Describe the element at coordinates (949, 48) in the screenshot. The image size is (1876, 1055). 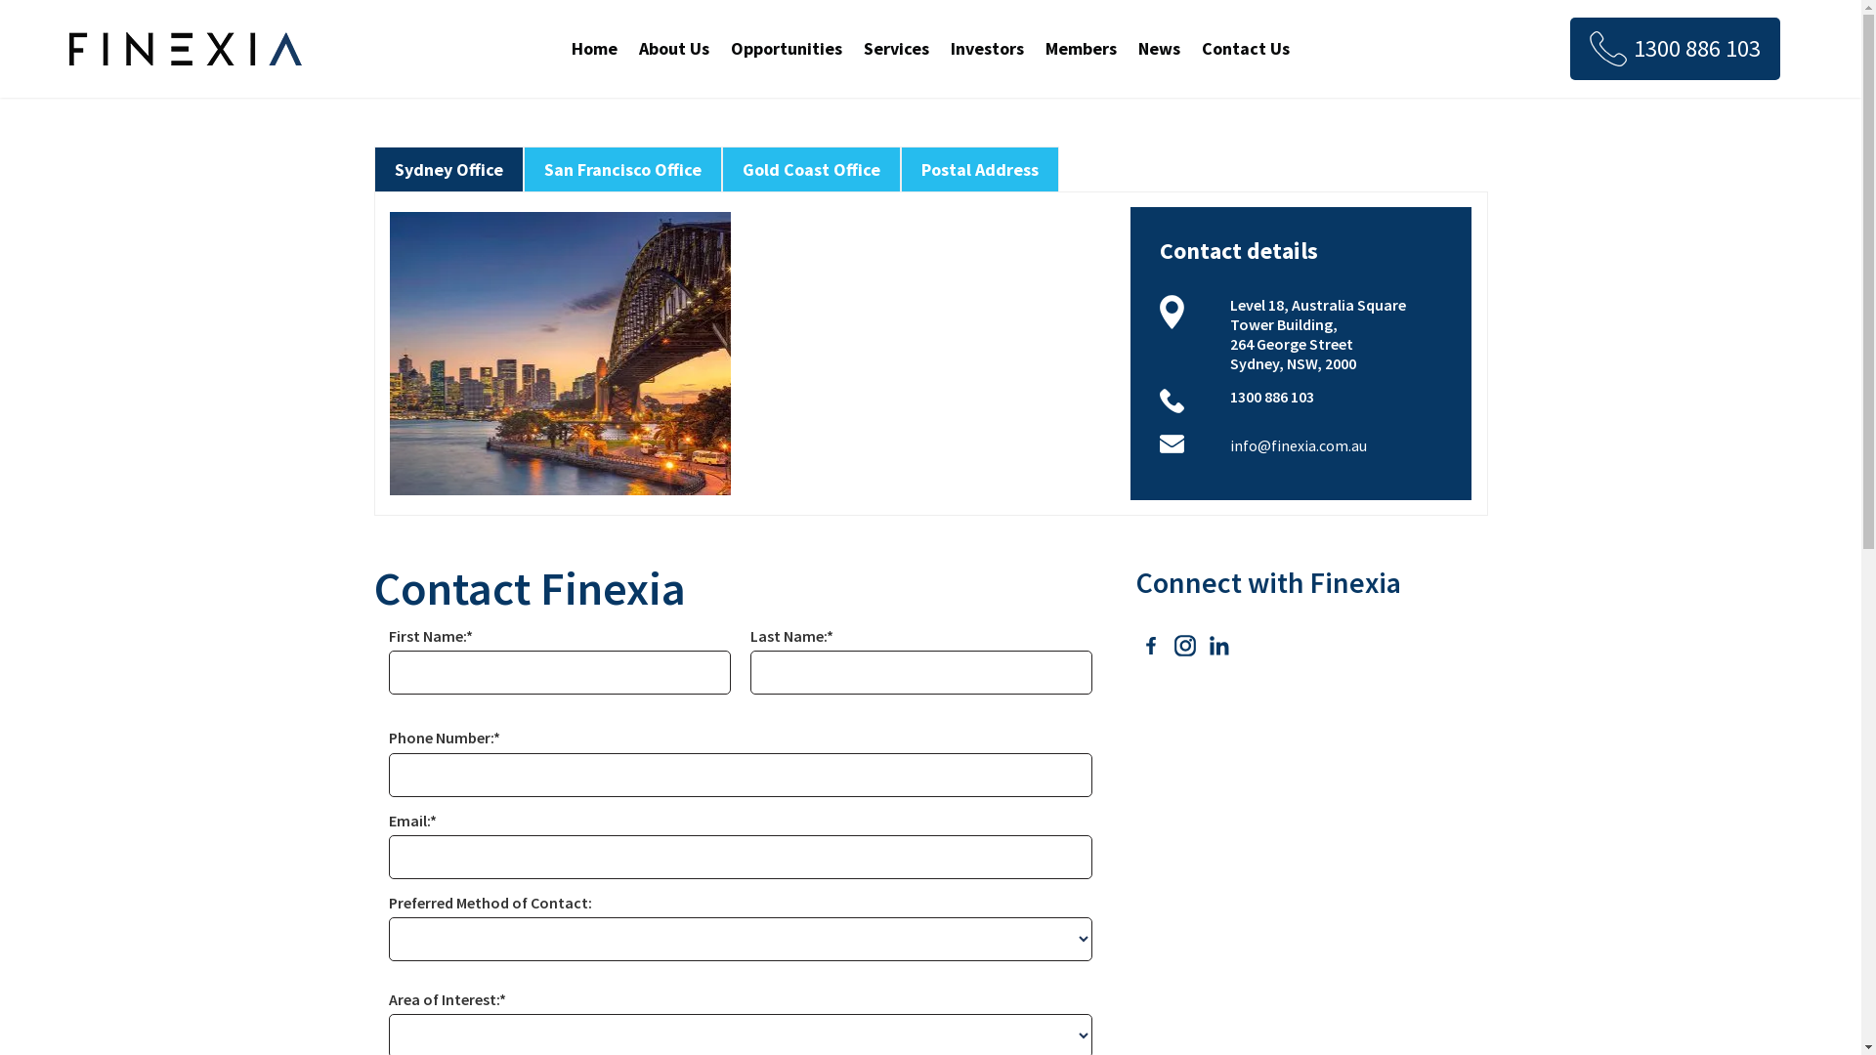
I see `'Investors'` at that location.